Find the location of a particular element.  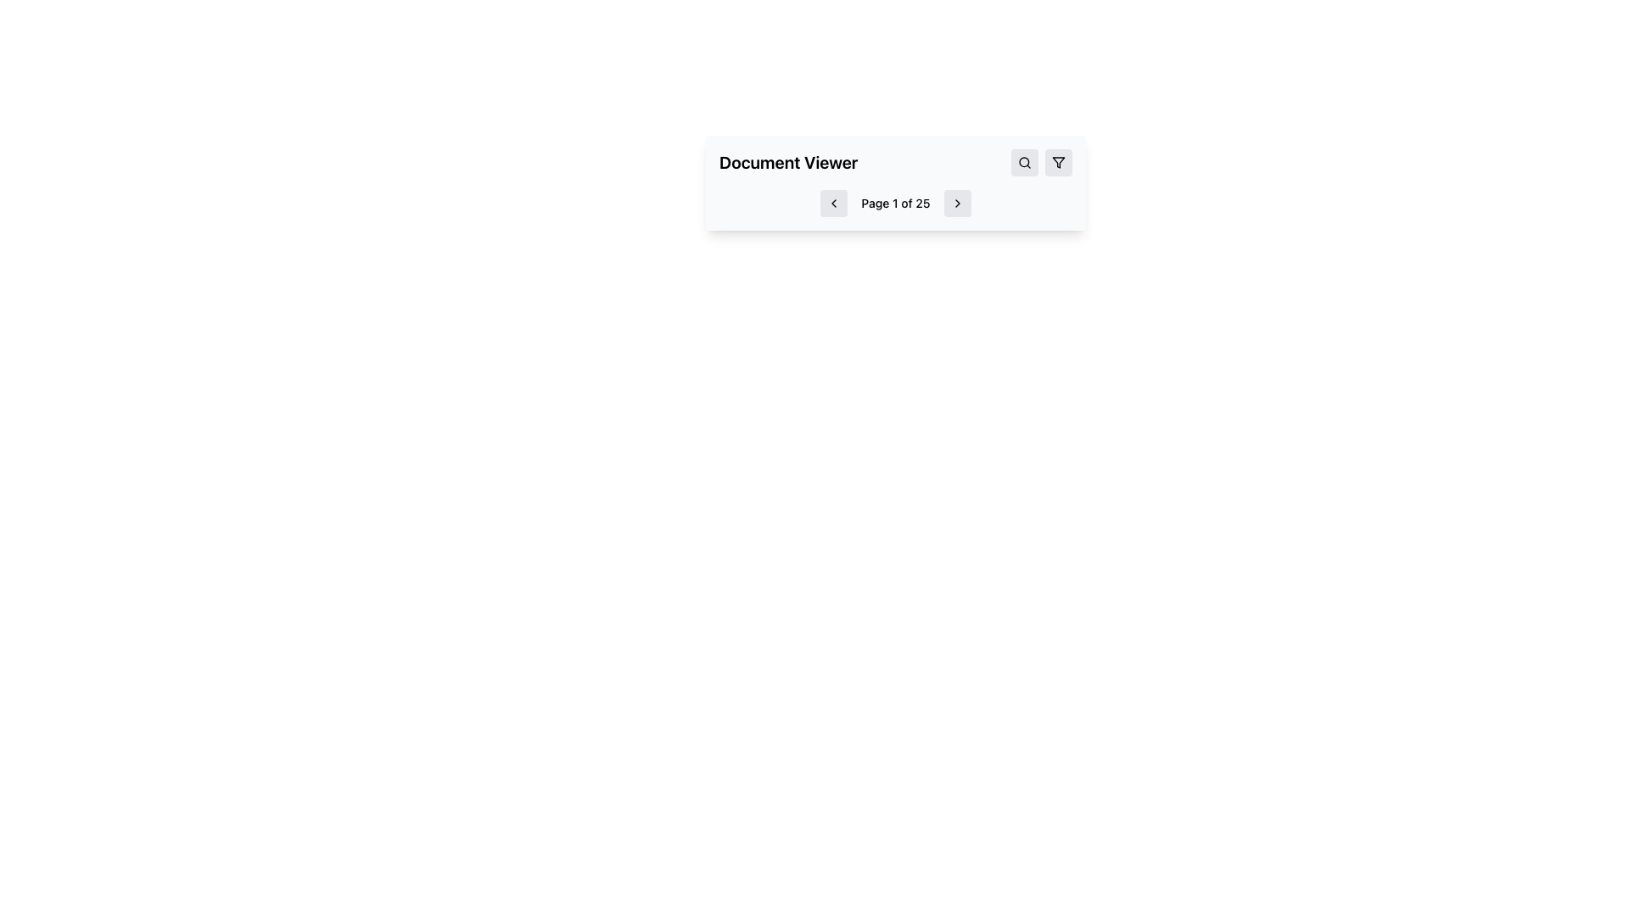

the chevron icon used for navigation, located within a light gray button before the 'Page 1 of 25' label in the document viewer interface is located at coordinates (834, 202).